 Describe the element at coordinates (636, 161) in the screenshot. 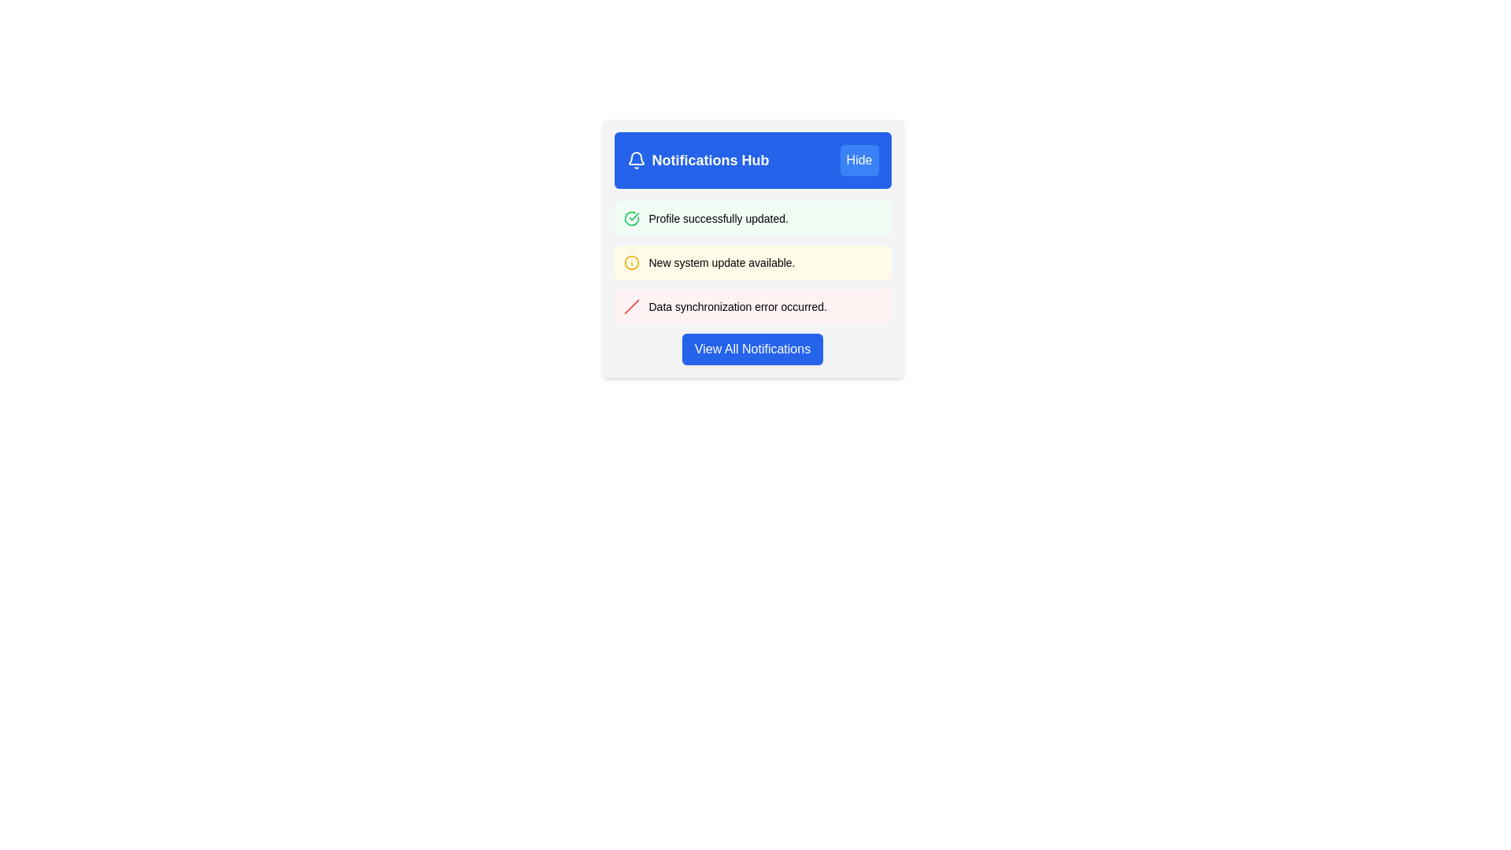

I see `the bell icon in the Notifications Hub header, which is styled with an outline appearance and is located to the left of the text 'Notifications Hub'` at that location.